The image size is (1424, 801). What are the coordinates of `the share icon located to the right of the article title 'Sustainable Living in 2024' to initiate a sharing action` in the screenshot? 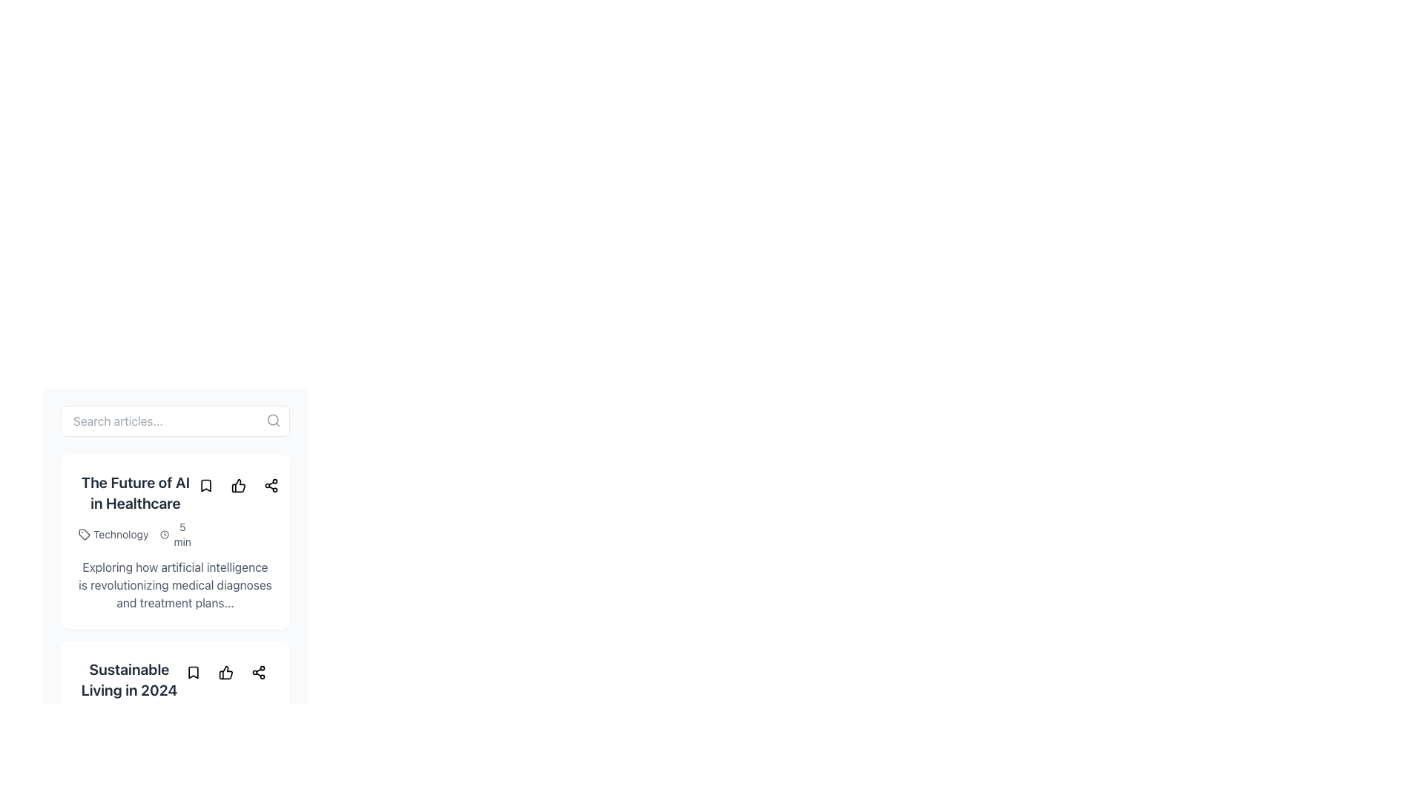 It's located at (259, 672).